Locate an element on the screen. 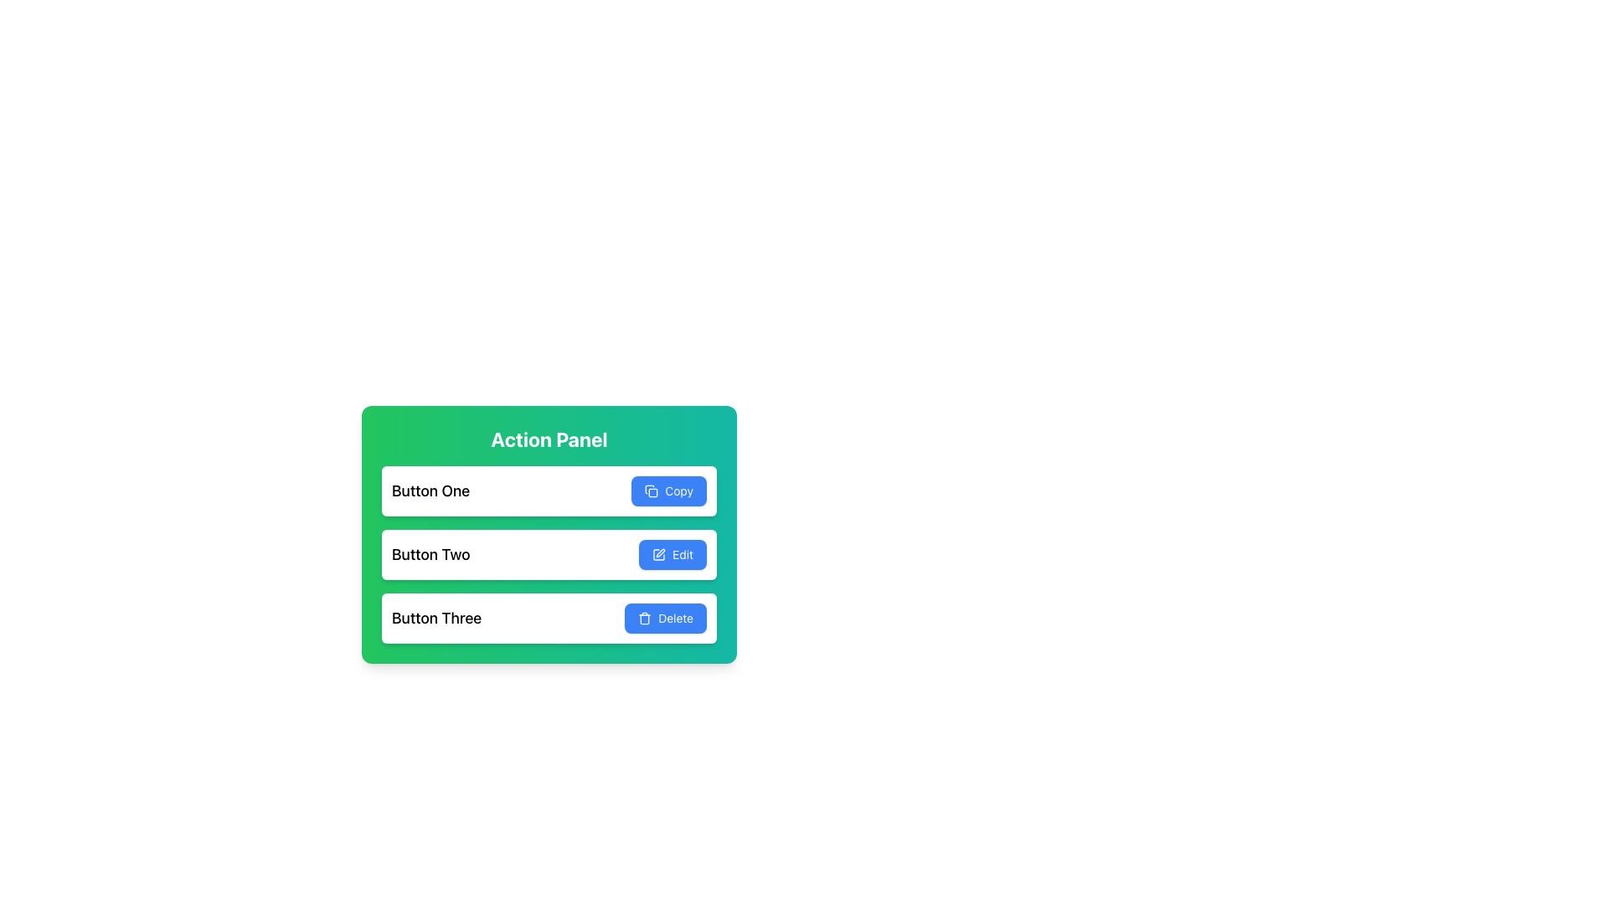 The height and width of the screenshot is (904, 1608). text from the title Text Label at the top of the gradient-colored panel is located at coordinates (549, 438).